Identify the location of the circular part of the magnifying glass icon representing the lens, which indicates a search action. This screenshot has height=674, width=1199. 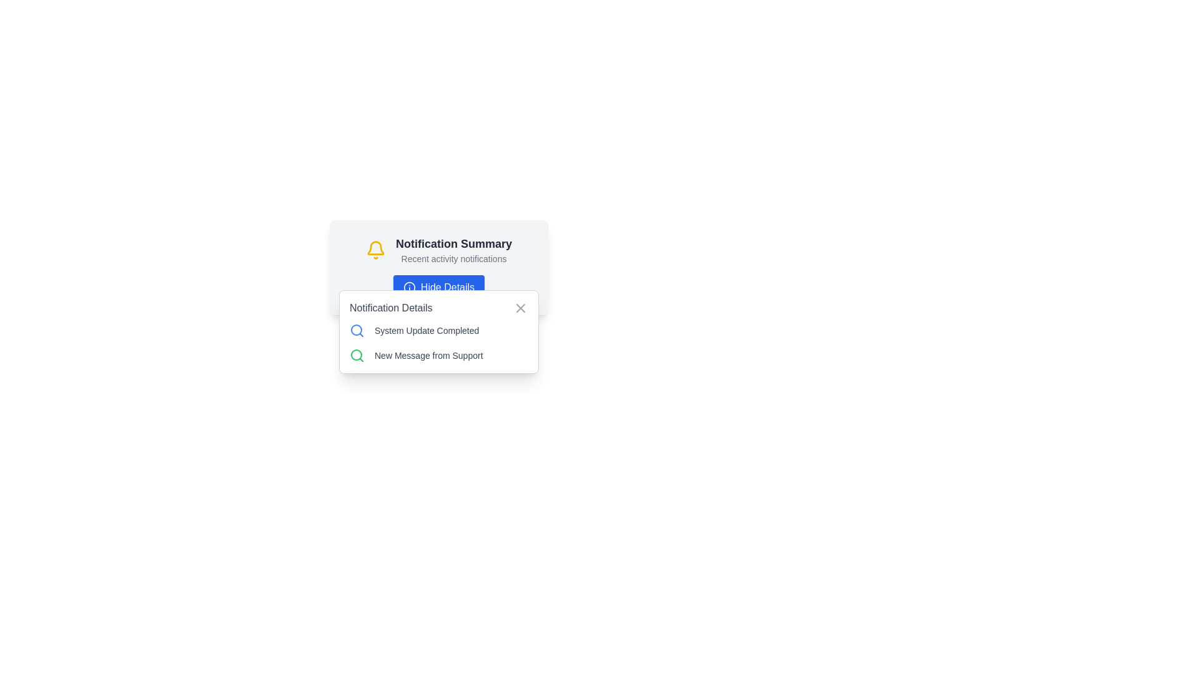
(356, 329).